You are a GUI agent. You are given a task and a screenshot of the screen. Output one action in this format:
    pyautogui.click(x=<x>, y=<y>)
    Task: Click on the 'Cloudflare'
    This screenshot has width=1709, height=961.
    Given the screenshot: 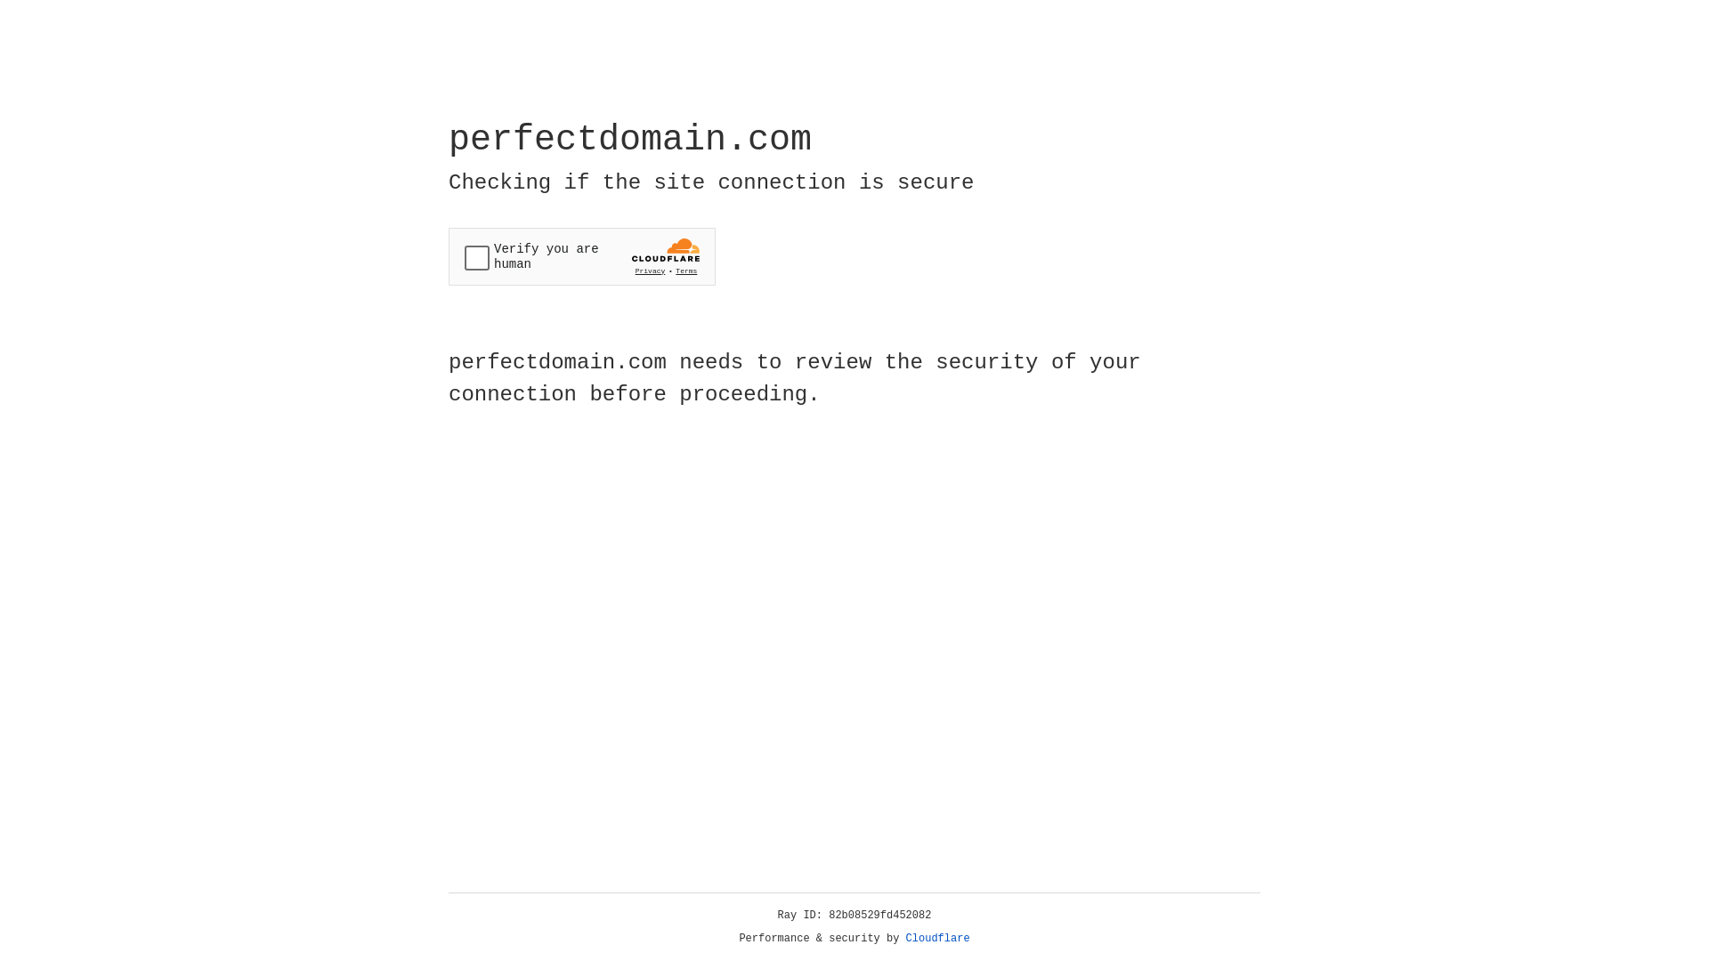 What is the action you would take?
    pyautogui.click(x=937, y=938)
    